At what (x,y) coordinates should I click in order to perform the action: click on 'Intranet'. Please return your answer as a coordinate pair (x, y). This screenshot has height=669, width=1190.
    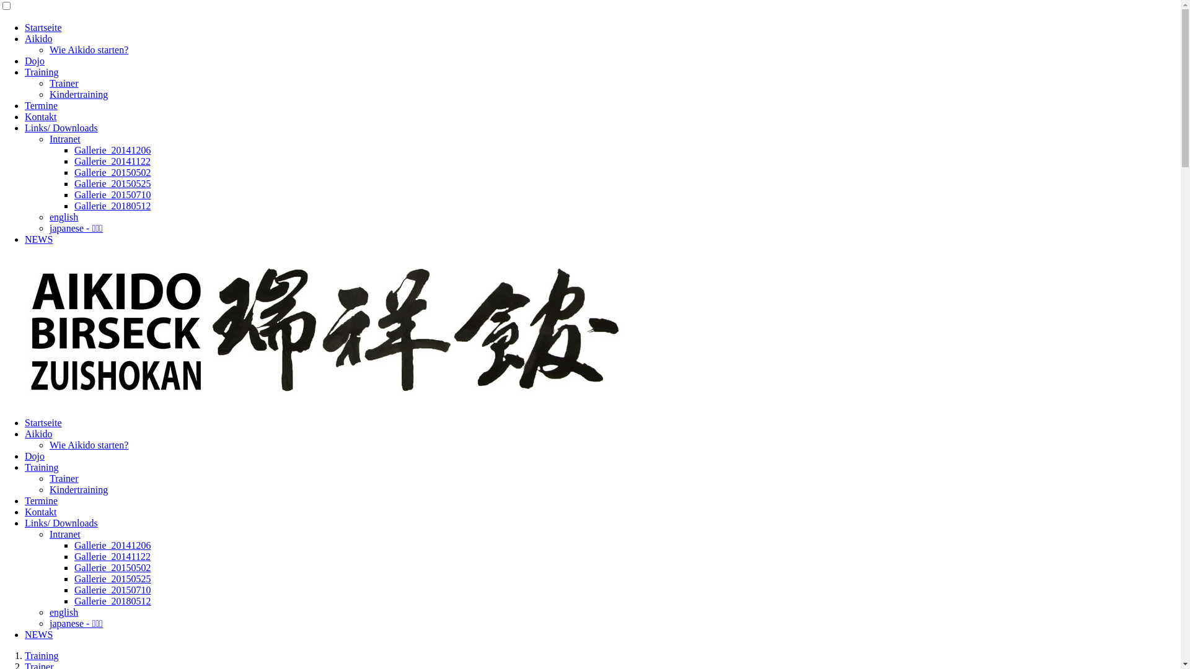
    Looking at the image, I should click on (50, 533).